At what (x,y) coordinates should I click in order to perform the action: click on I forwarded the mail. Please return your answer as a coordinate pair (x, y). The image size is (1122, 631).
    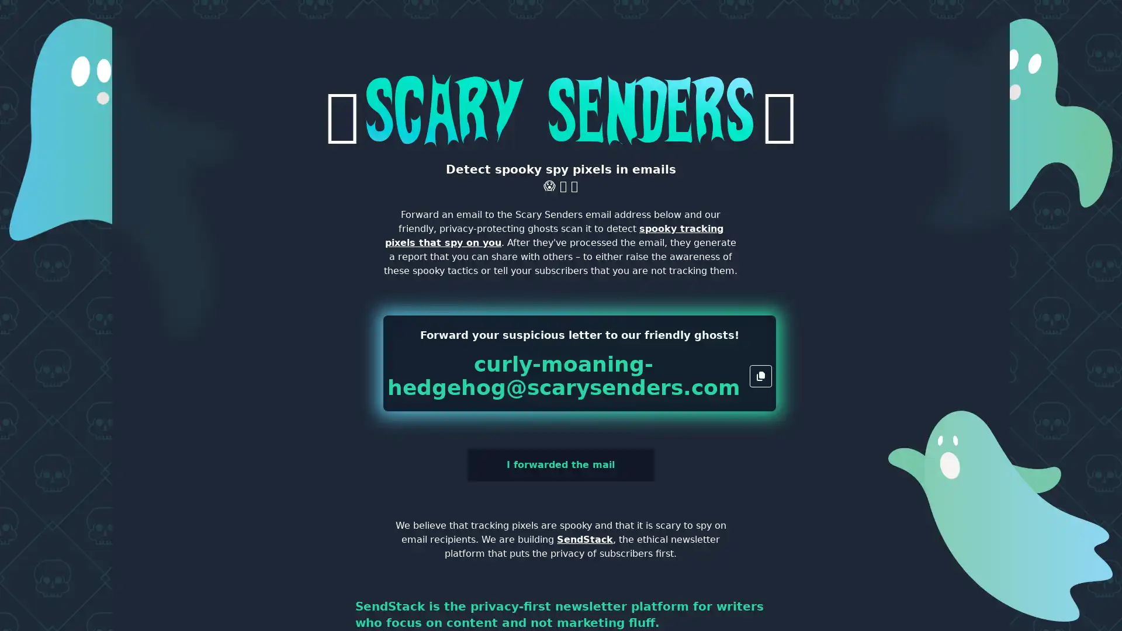
    Looking at the image, I should click on (560, 464).